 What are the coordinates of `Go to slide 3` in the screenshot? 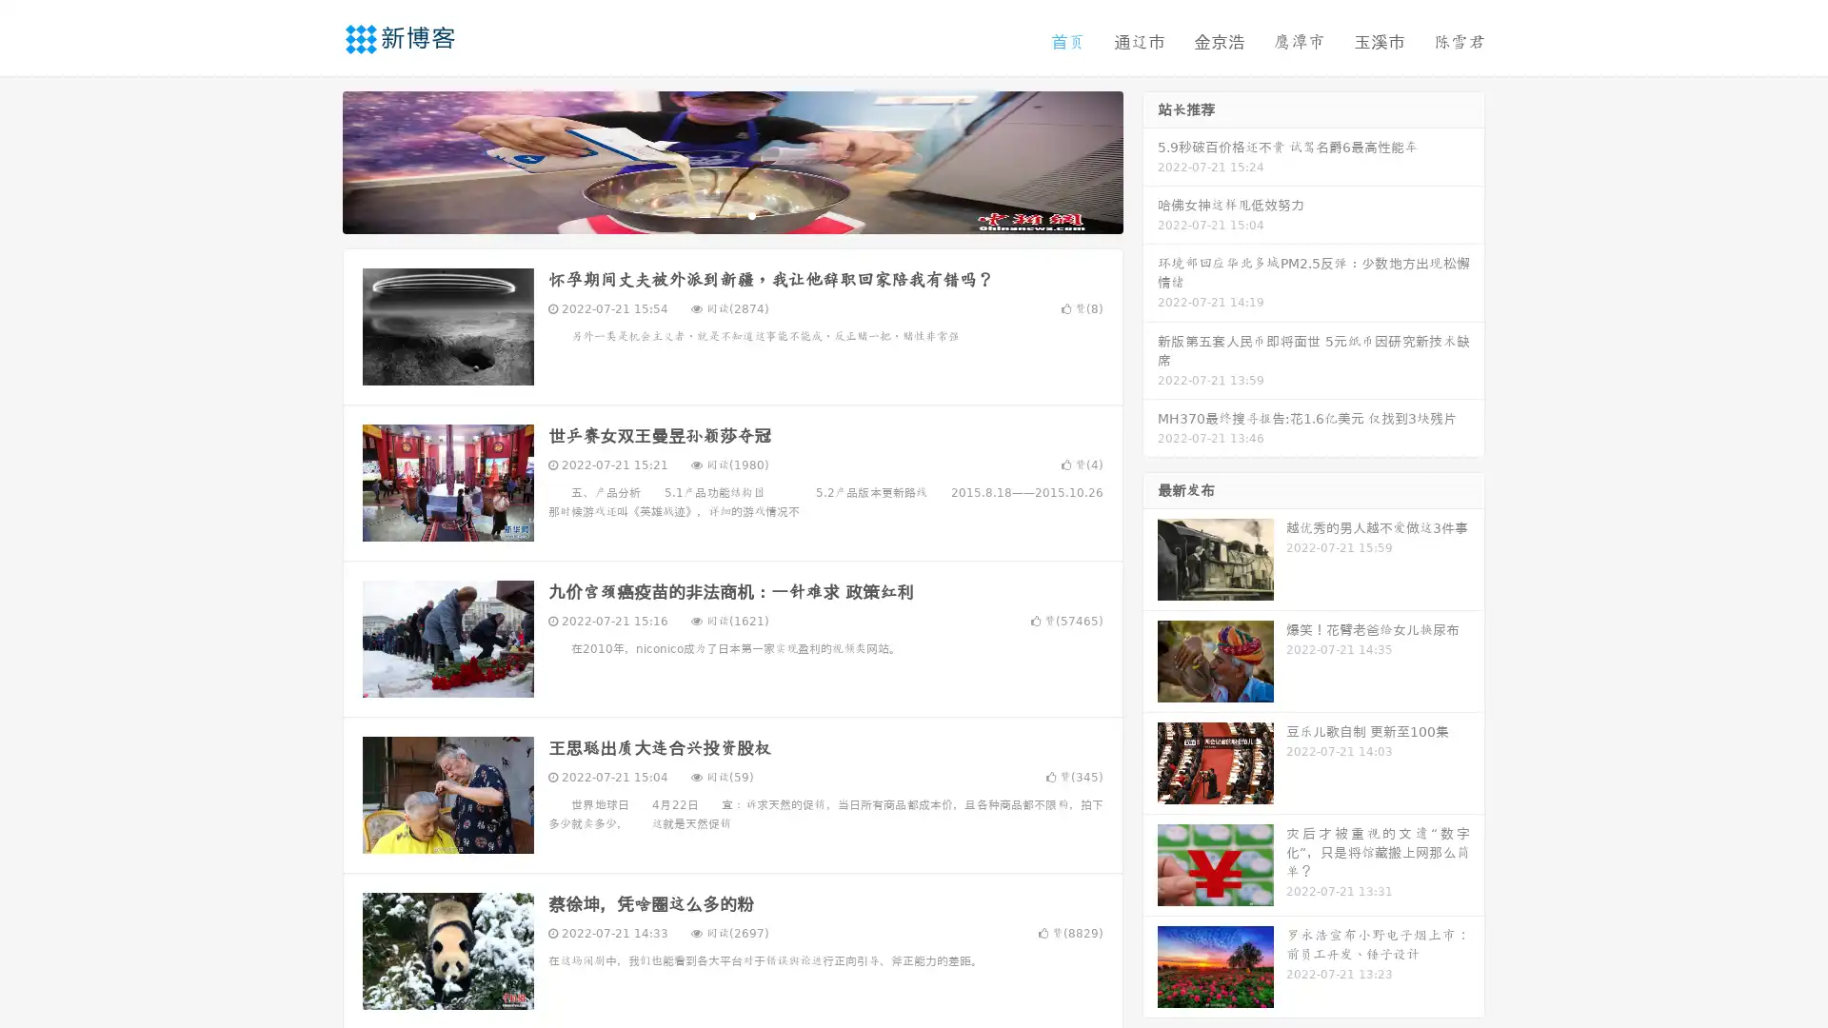 It's located at (751, 214).